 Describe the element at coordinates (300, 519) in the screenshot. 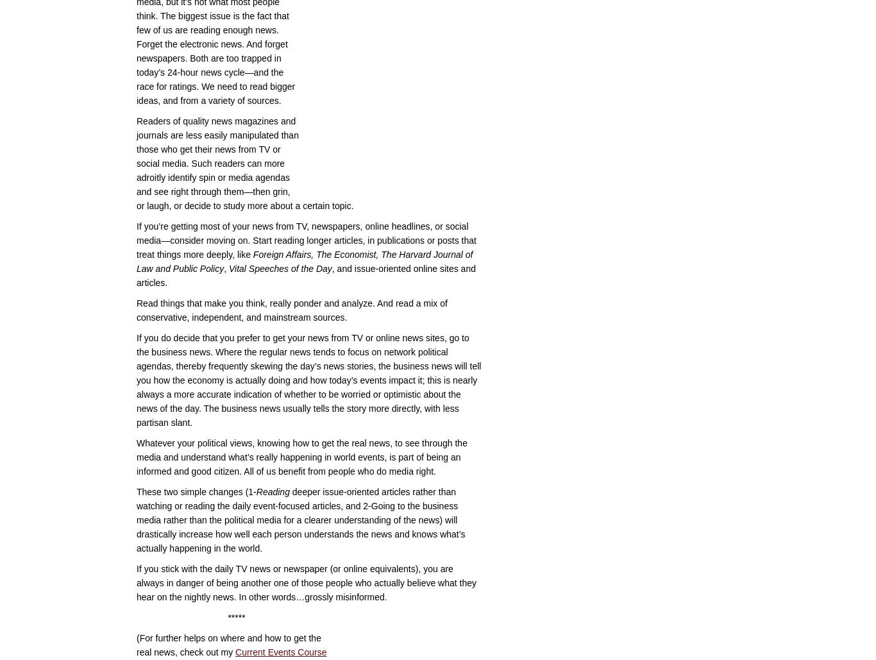

I see `'deeper issue-oriented articles rather than watching or reading the daily event-focused articles, and 2-Going to the business media rather than the political media for a clearer understanding of the news) will drastically increase how well each person understands the news and knows what’s actually happening in the world.'` at that location.